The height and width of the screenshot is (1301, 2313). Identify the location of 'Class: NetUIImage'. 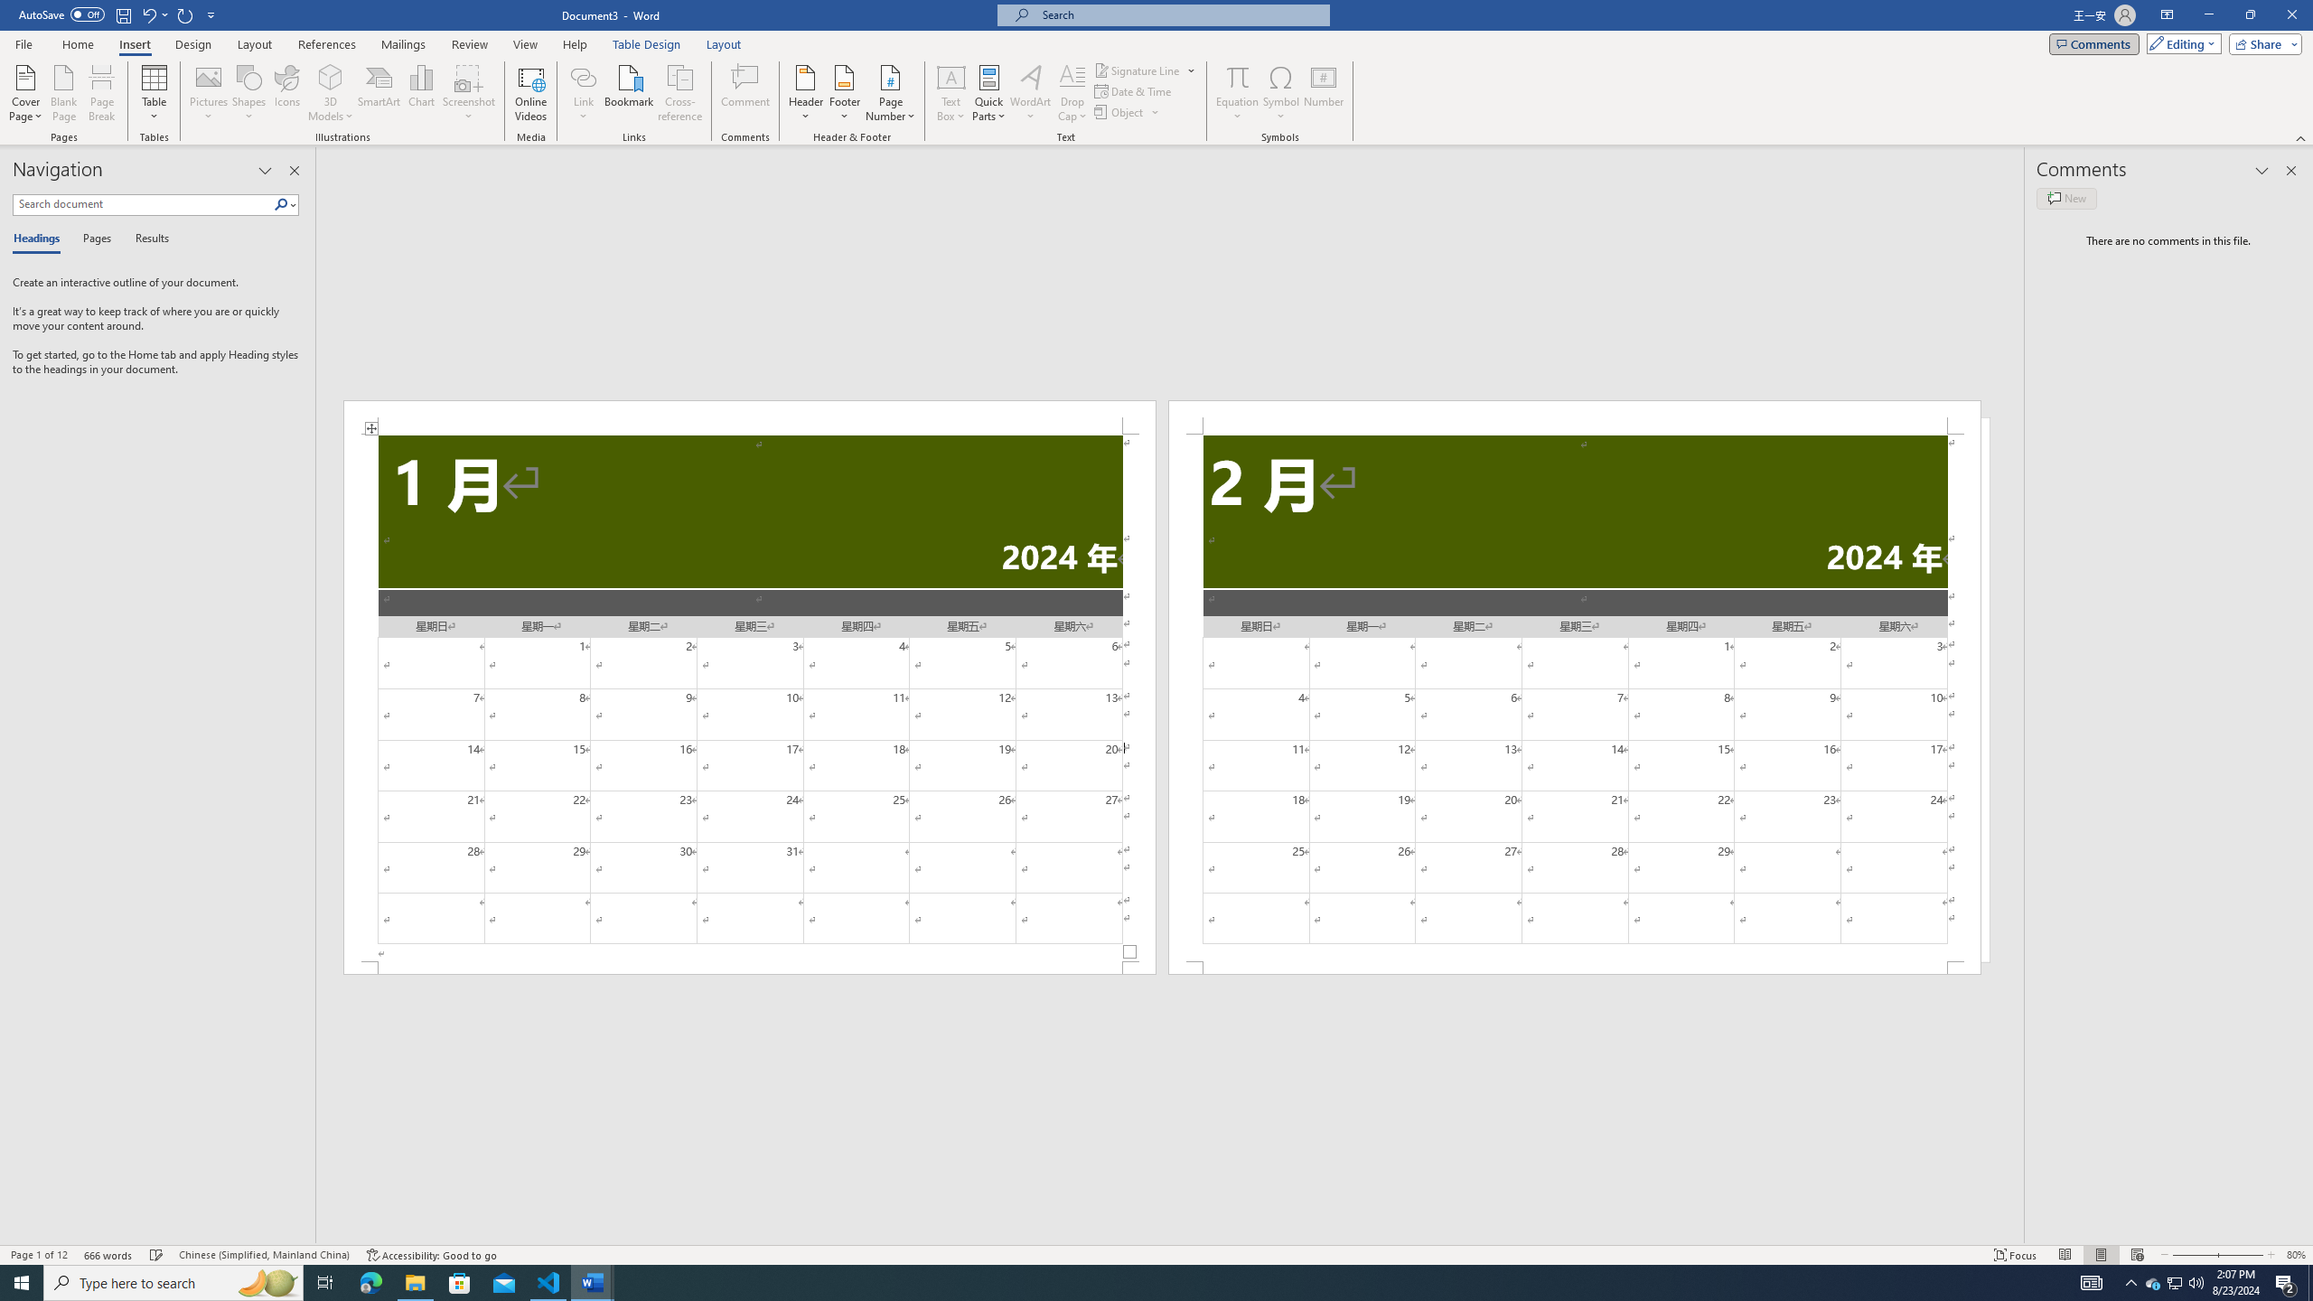
(281, 203).